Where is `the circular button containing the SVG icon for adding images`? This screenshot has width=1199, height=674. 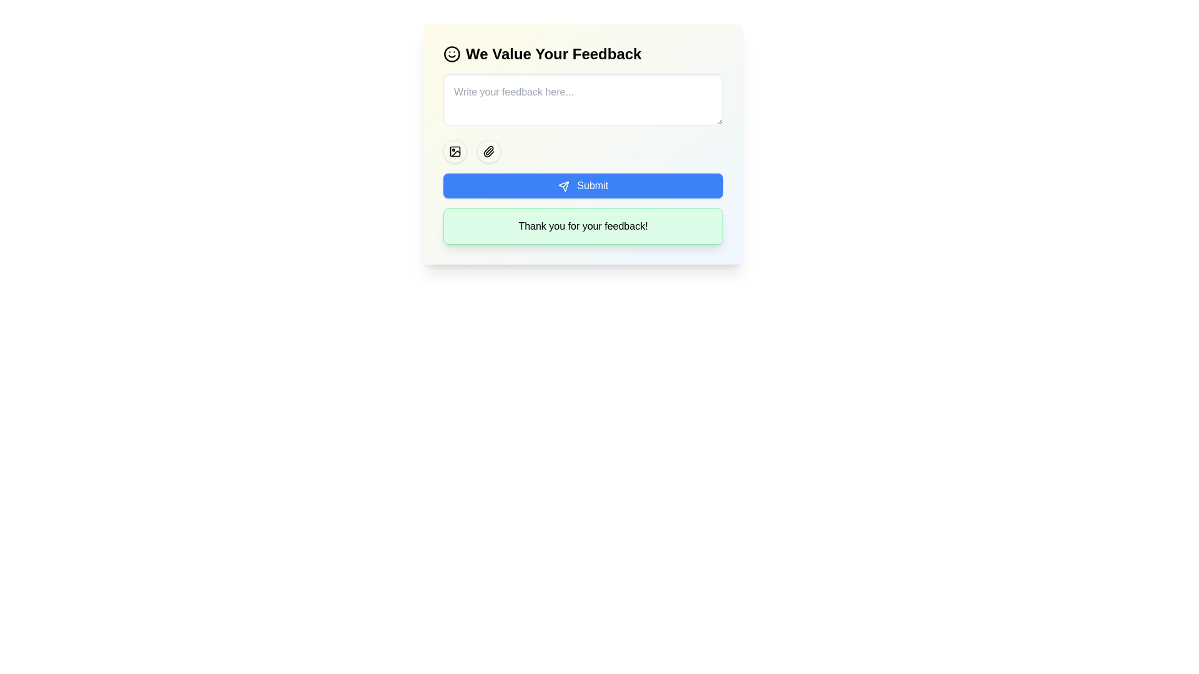 the circular button containing the SVG icon for adding images is located at coordinates (455, 151).